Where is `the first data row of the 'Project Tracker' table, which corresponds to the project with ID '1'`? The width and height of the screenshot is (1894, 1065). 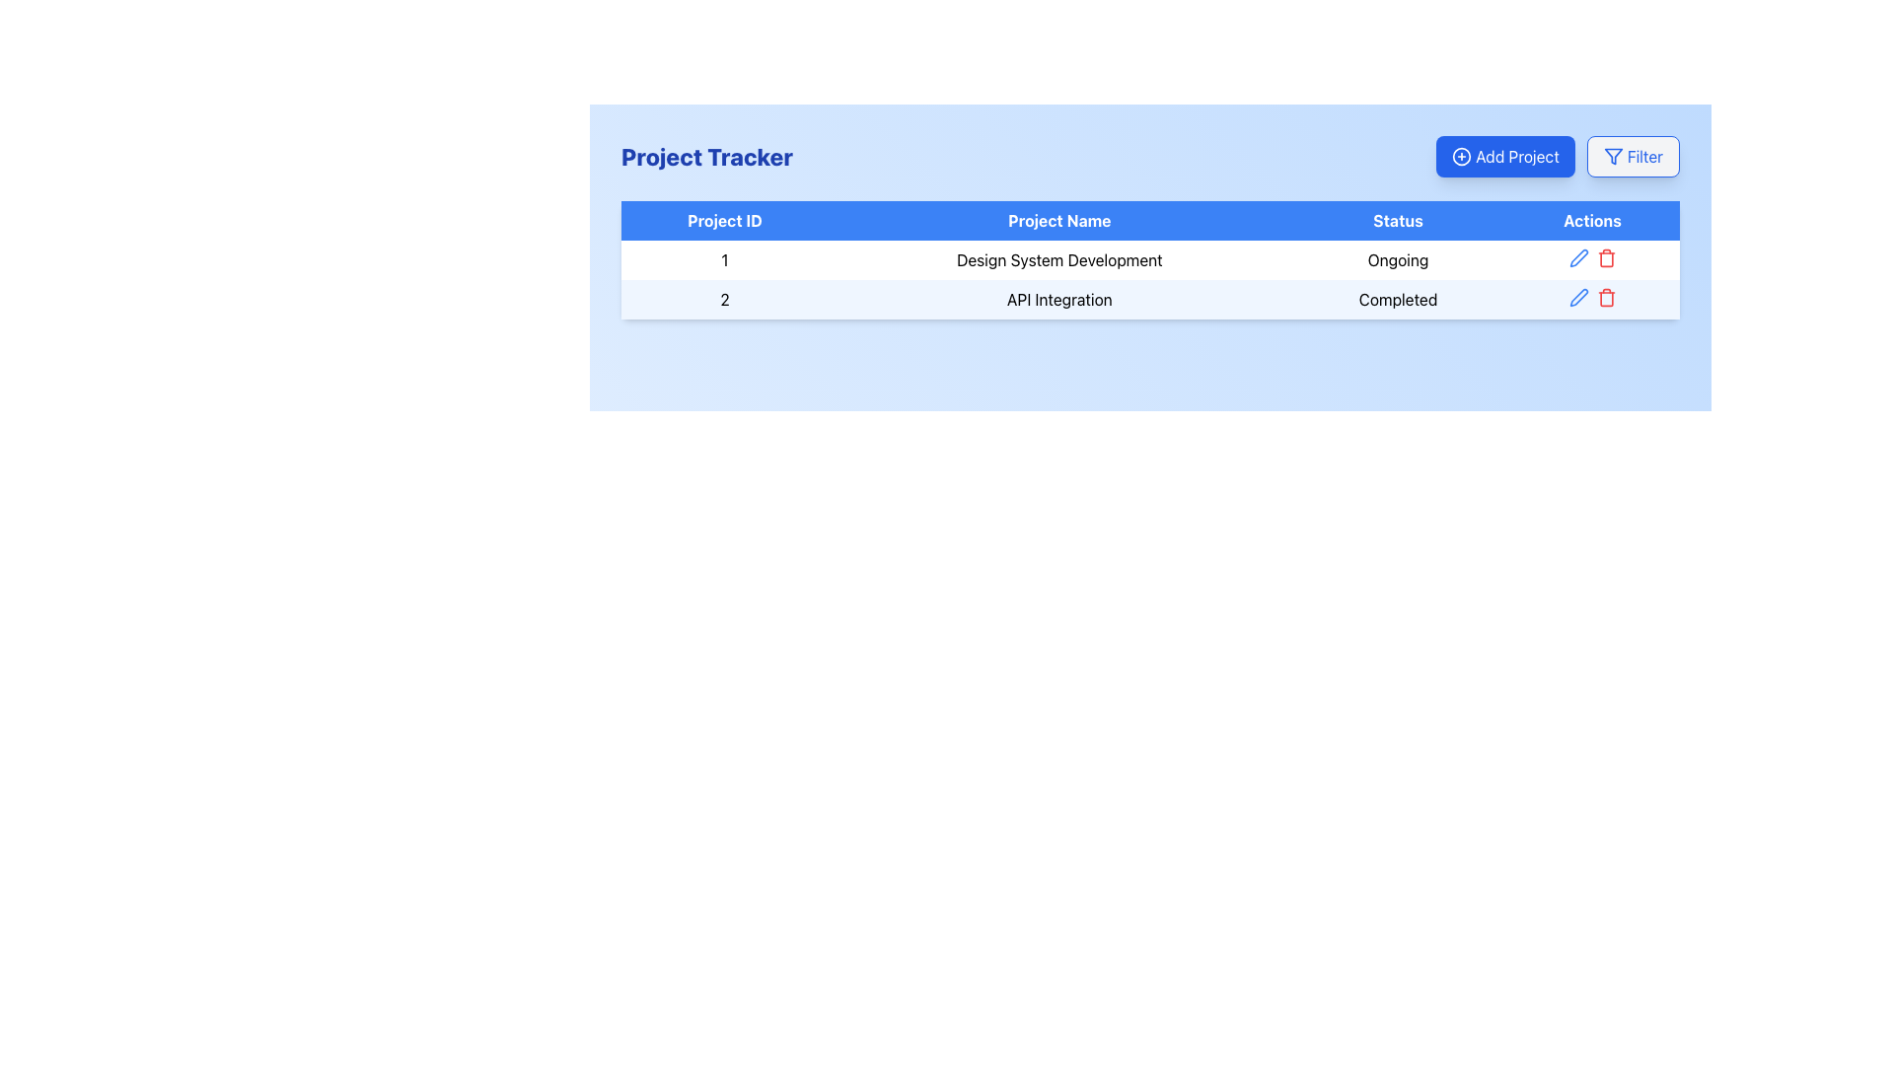
the first data row of the 'Project Tracker' table, which corresponds to the project with ID '1' is located at coordinates (1150, 258).